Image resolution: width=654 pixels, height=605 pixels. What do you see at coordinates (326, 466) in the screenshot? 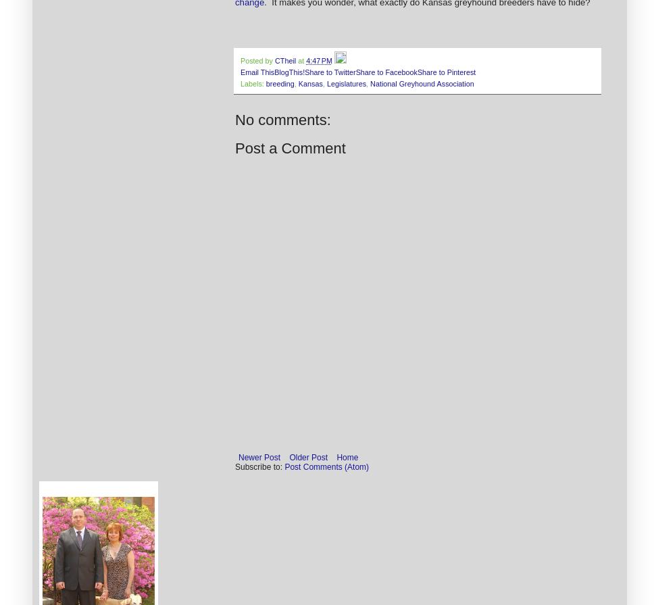
I see `'Post Comments (Atom)'` at bounding box center [326, 466].